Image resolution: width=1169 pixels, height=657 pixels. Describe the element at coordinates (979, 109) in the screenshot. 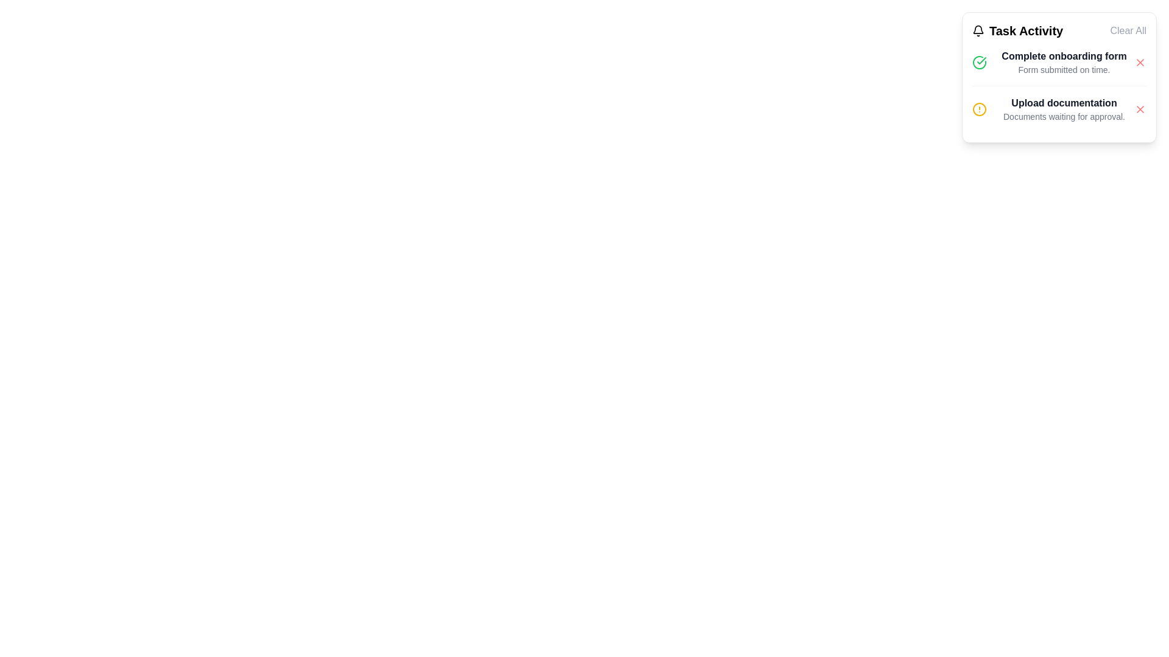

I see `the circular SVG graphical element that serves as a warning or alert indicator for the 'Upload documentation' task, located in the right-hand notification panel` at that location.